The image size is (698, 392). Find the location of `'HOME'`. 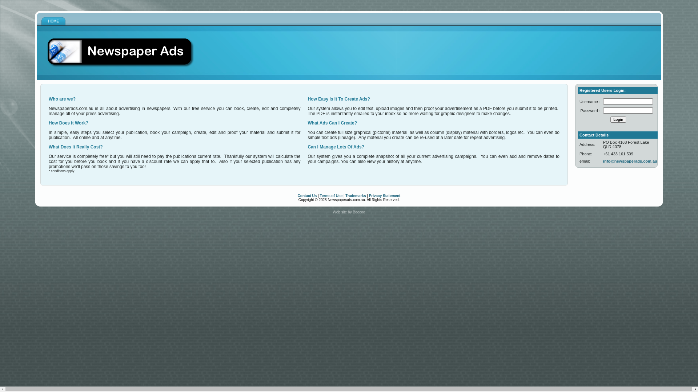

'HOME' is located at coordinates (53, 21).